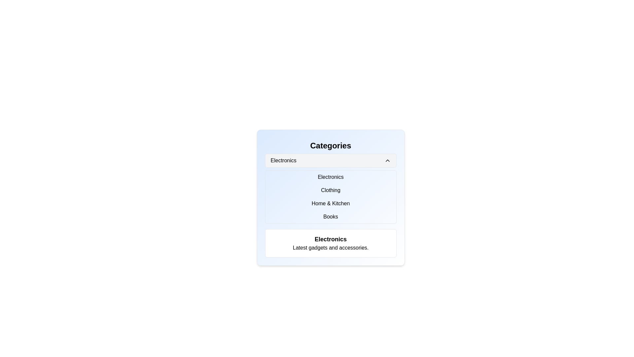  I want to click on the informational card that provides details about the category 'Electronics', located at the bottom of the 'Categories' section, so click(331, 243).